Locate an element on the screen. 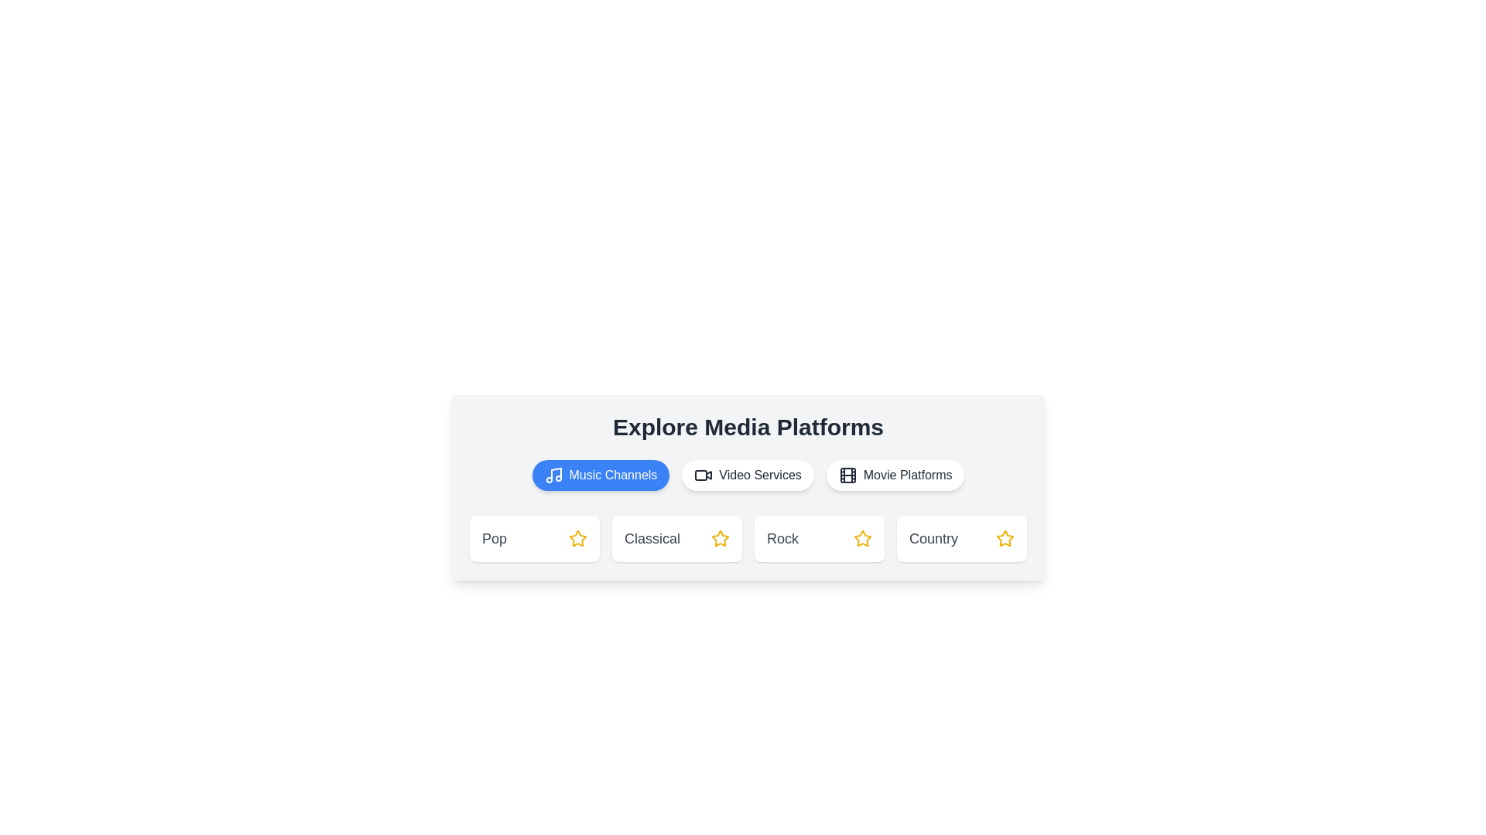 The height and width of the screenshot is (835, 1486). the 'Video Services' icon, which is the second button in the row of category tabs under 'Explore Media Platforms' is located at coordinates (703, 474).